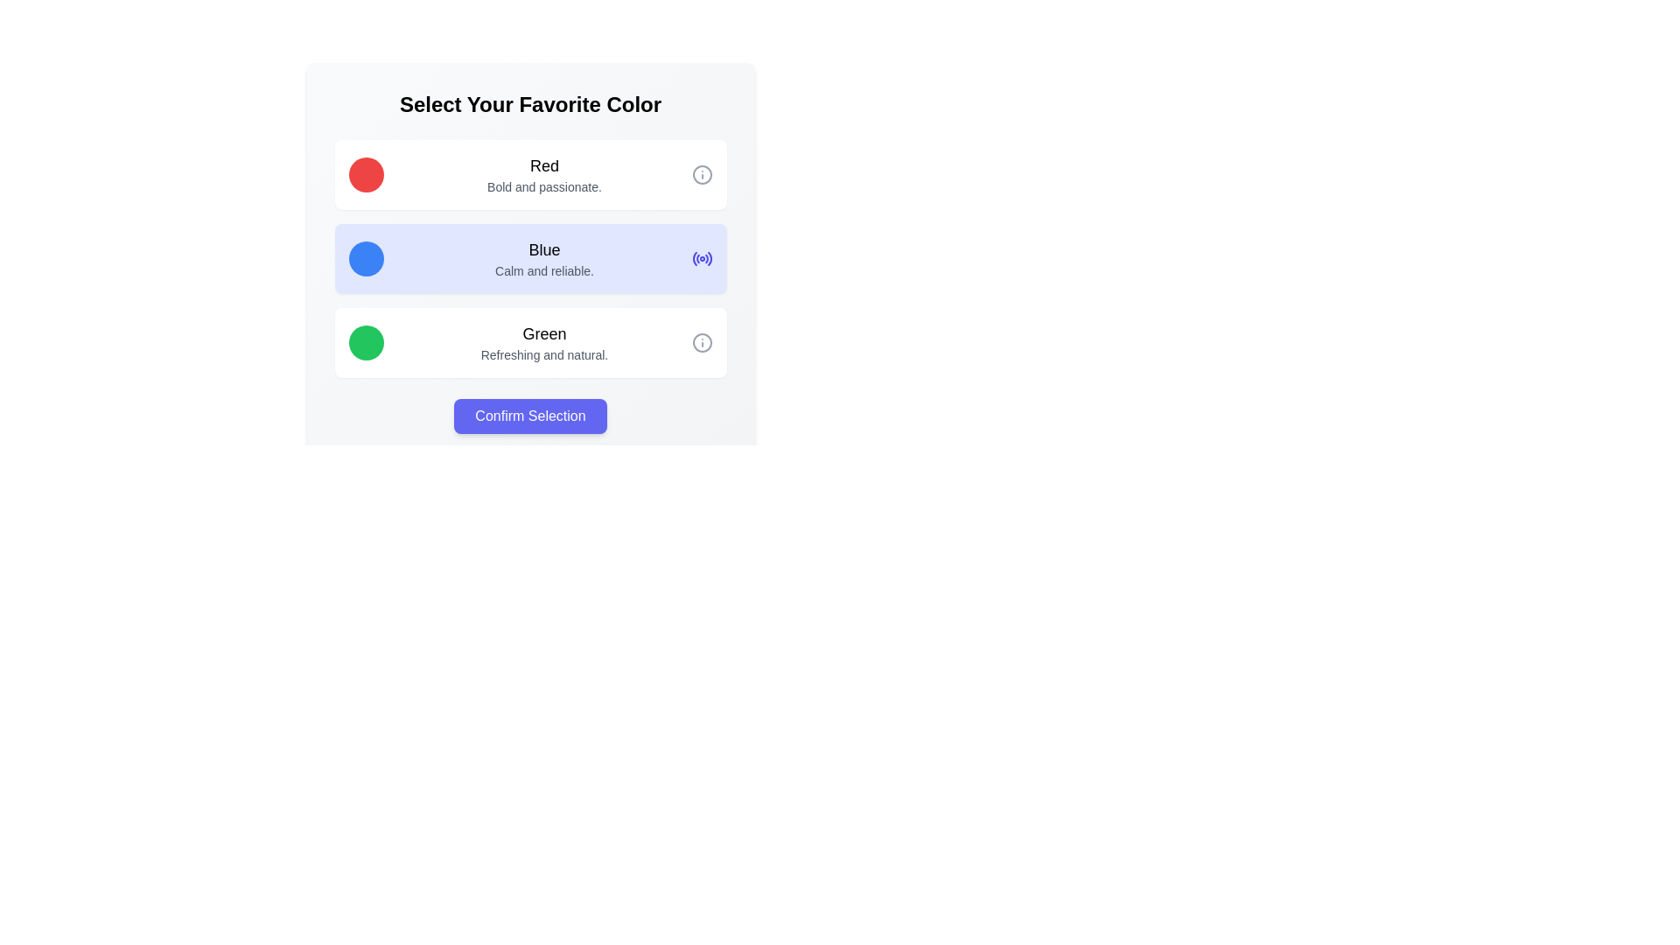  Describe the element at coordinates (702, 343) in the screenshot. I see `the informational icon located at the far-right side of the 'Green' option section, next to the text 'Refreshing and natural.'` at that location.